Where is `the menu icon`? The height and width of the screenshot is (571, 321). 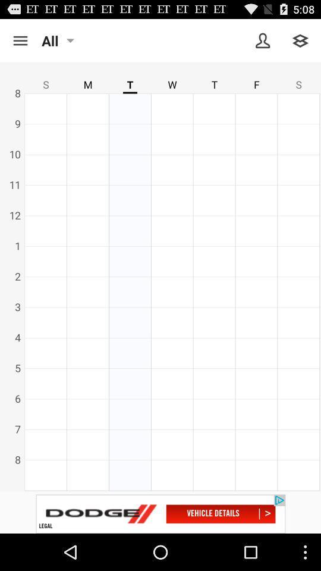 the menu icon is located at coordinates (20, 43).